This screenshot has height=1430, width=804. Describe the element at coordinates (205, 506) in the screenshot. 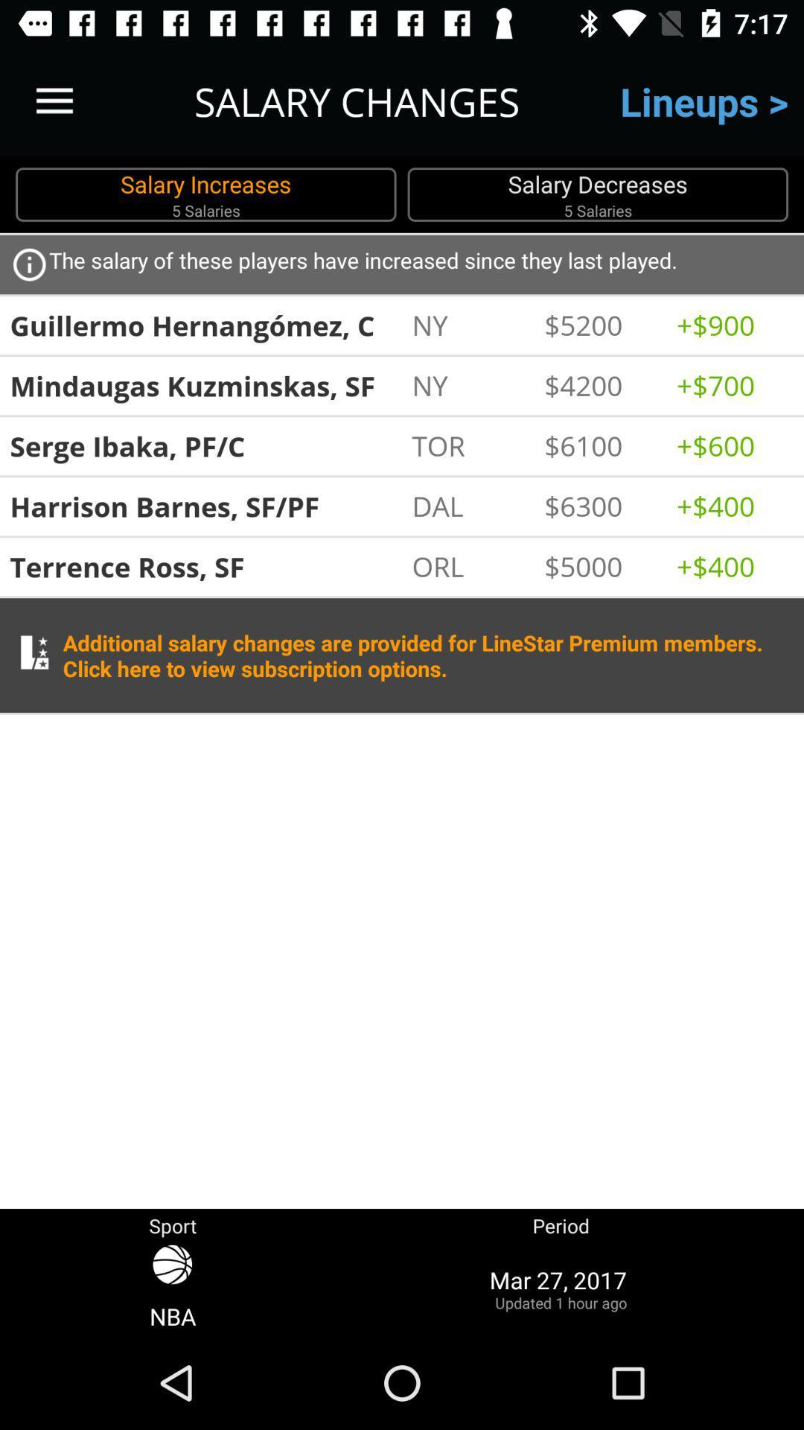

I see `the icon below the serge ibaka pf icon` at that location.